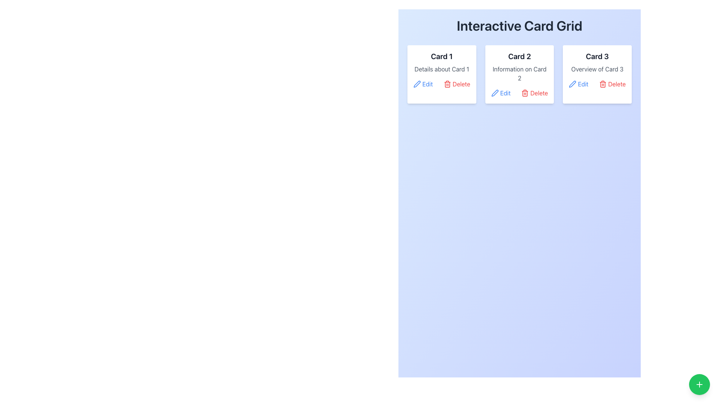 The width and height of the screenshot is (719, 404). What do you see at coordinates (597, 69) in the screenshot?
I see `the text element that provides a brief description of the card's content, located in the third card under the title 'Card 3' and above the options 'Edit' and 'Delete'` at bounding box center [597, 69].